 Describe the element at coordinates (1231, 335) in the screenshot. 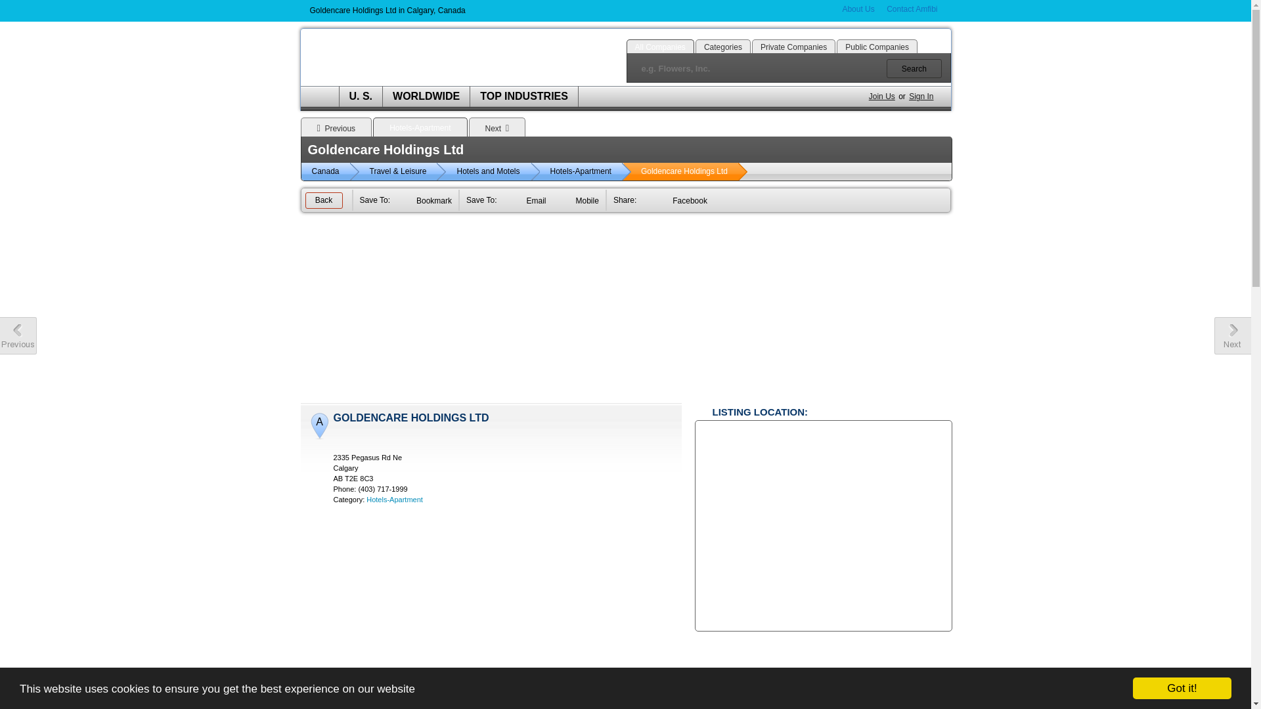

I see `'Next company profile'` at that location.